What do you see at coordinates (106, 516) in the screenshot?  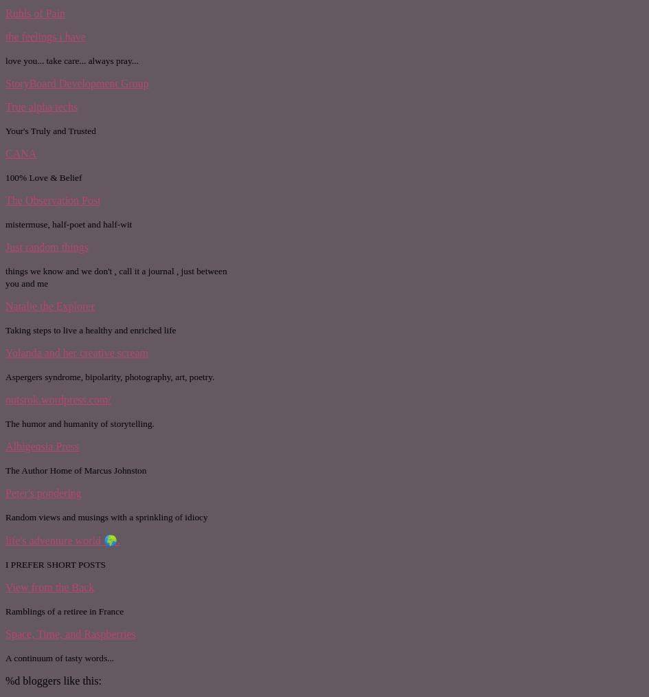 I see `'Random views and musings with a sprinkling of idiocy'` at bounding box center [106, 516].